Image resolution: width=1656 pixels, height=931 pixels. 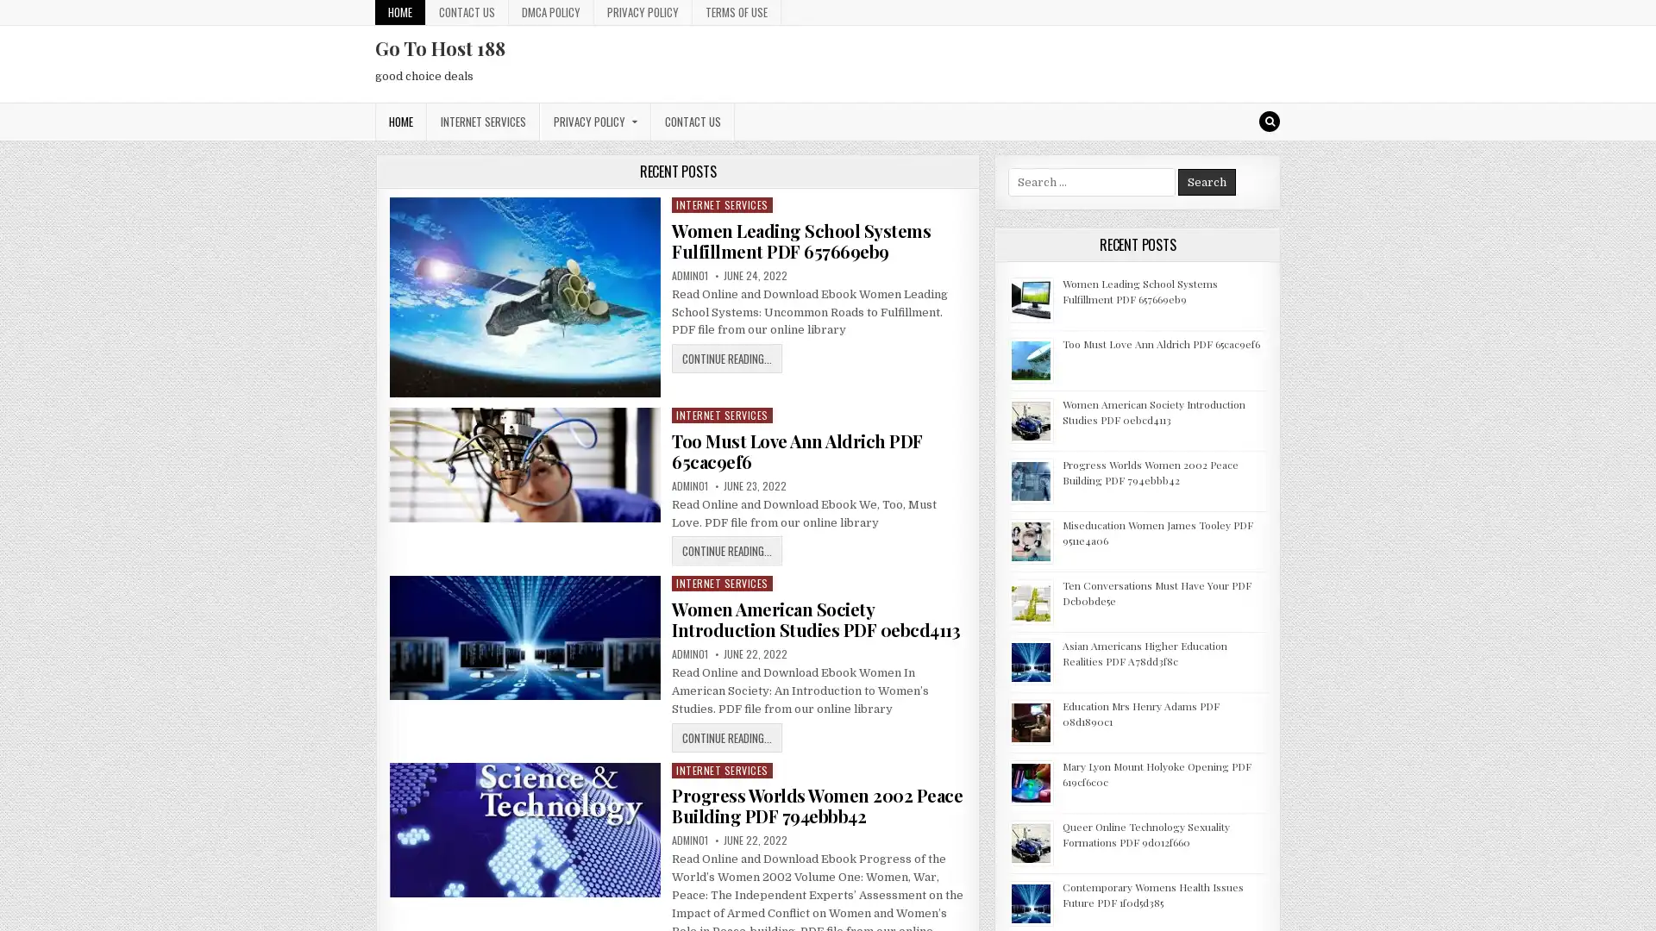 I want to click on Search, so click(x=1206, y=182).